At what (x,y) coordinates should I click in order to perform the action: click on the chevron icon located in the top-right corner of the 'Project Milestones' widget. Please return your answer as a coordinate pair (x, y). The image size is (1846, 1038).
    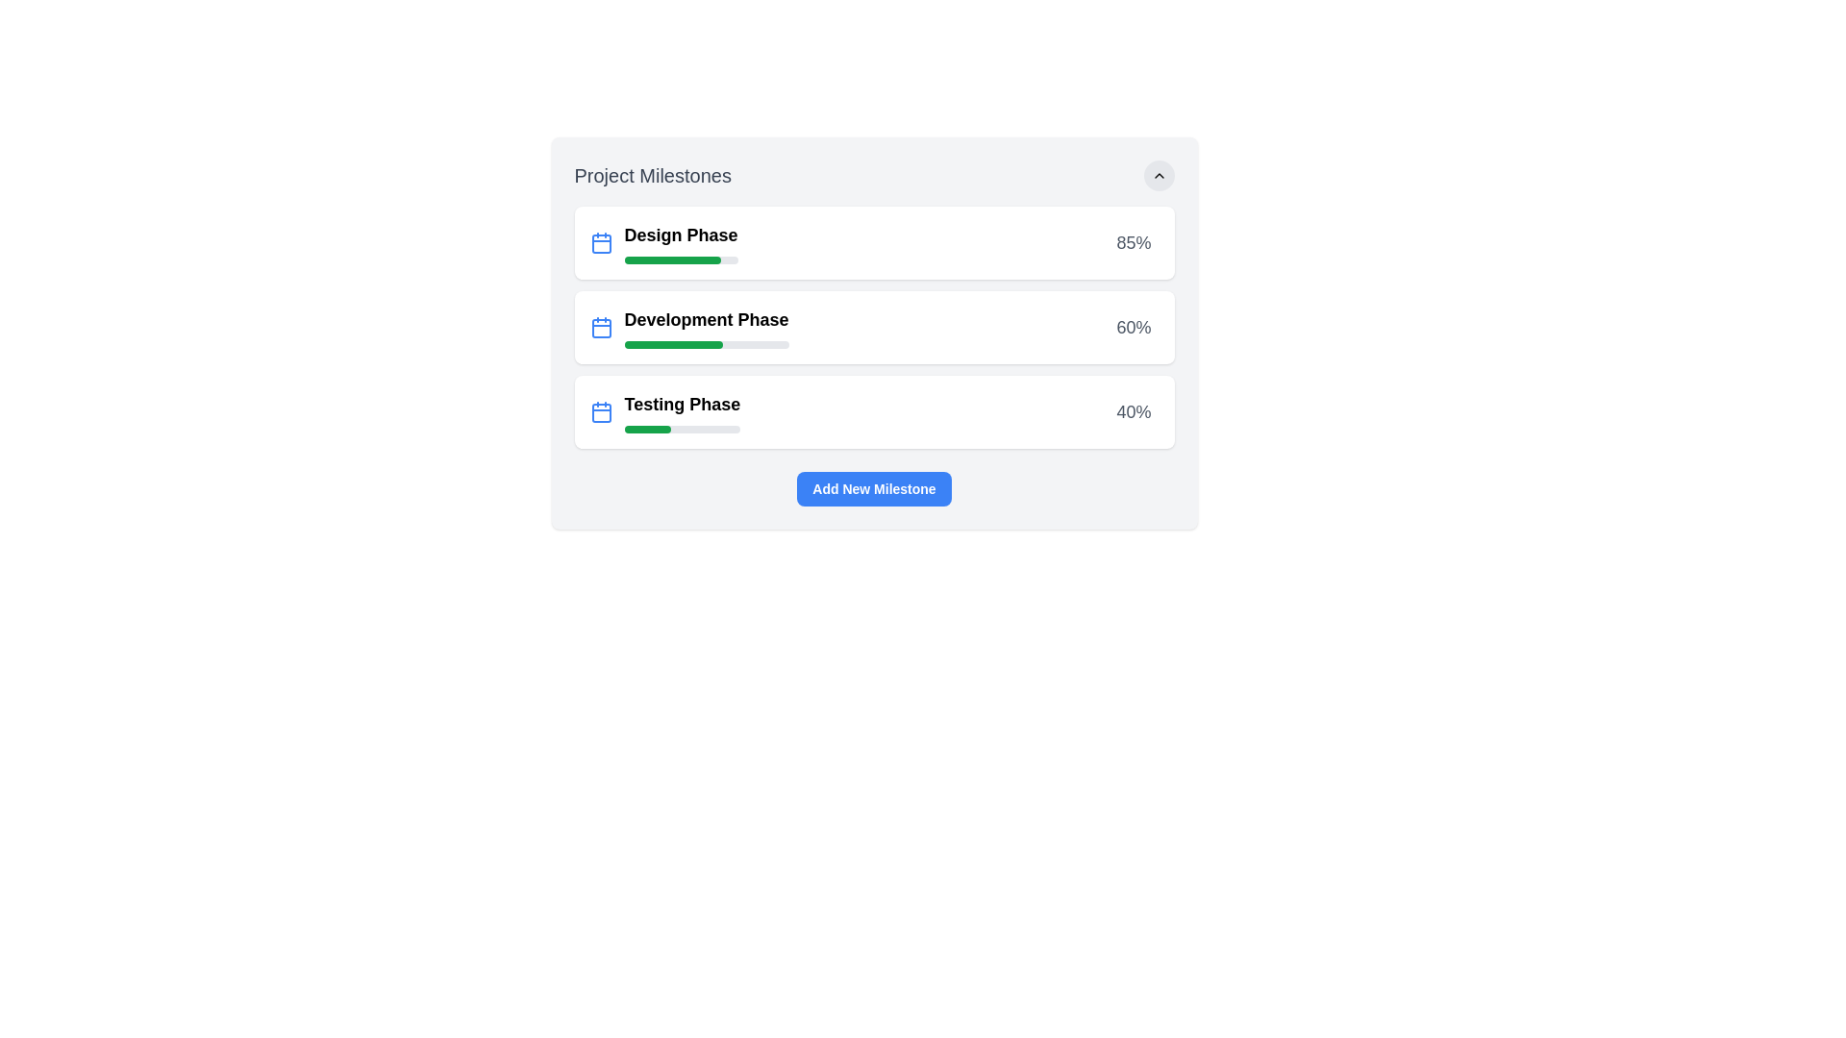
    Looking at the image, I should click on (1158, 175).